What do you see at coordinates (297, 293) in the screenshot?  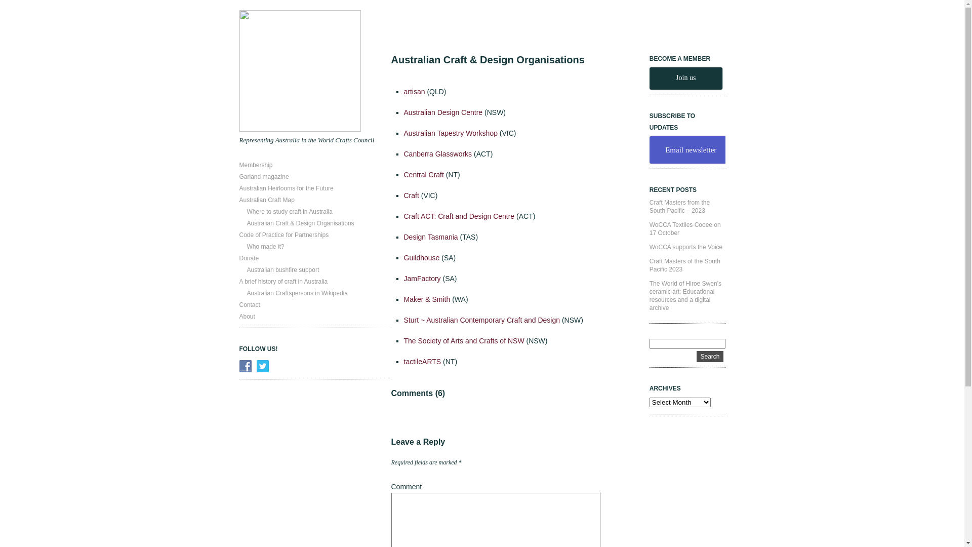 I see `'Australian Craftspersons in Wikipedia'` at bounding box center [297, 293].